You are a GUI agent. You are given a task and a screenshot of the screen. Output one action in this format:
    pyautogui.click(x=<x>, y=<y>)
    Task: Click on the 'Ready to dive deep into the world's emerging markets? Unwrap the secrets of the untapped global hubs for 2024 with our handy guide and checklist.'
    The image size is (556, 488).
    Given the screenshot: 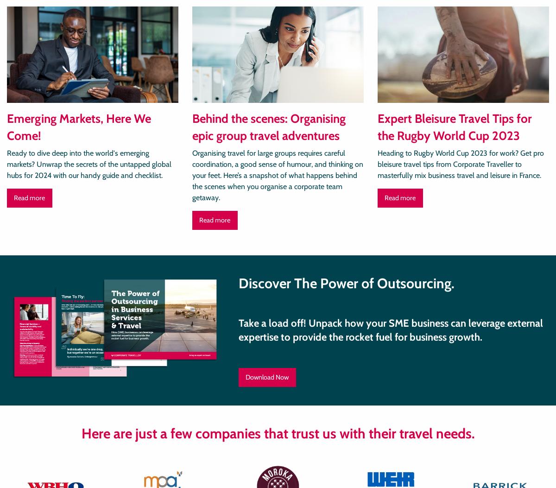 What is the action you would take?
    pyautogui.click(x=88, y=164)
    